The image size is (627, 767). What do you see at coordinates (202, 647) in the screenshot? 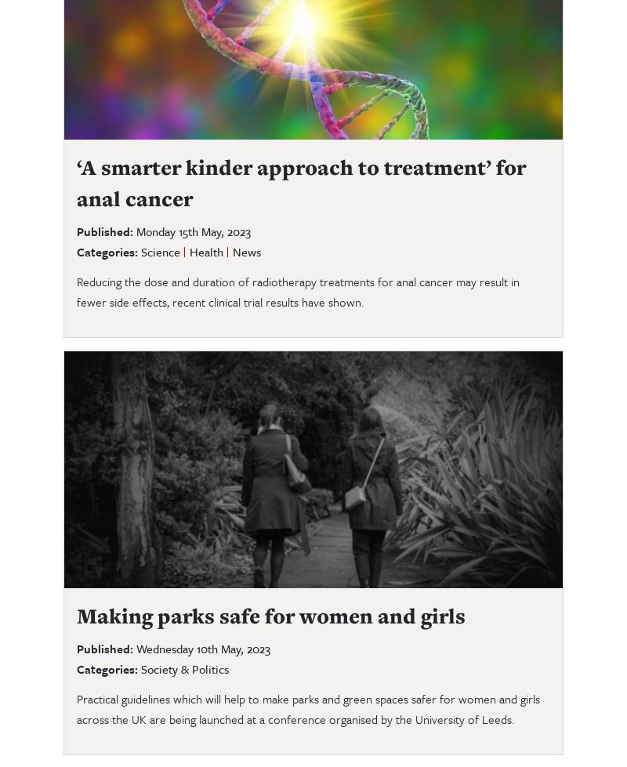
I see `'Wednesday 10th May, 2023'` at bounding box center [202, 647].